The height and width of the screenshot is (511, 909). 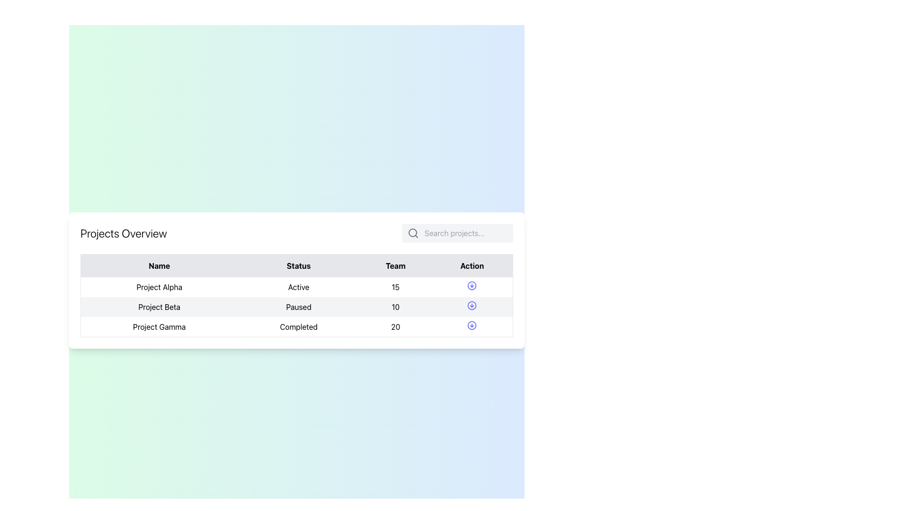 What do you see at coordinates (296, 286) in the screenshot?
I see `displayed text of the 'Active' status for 'Project Alpha' in the project overview table's status column` at bounding box center [296, 286].